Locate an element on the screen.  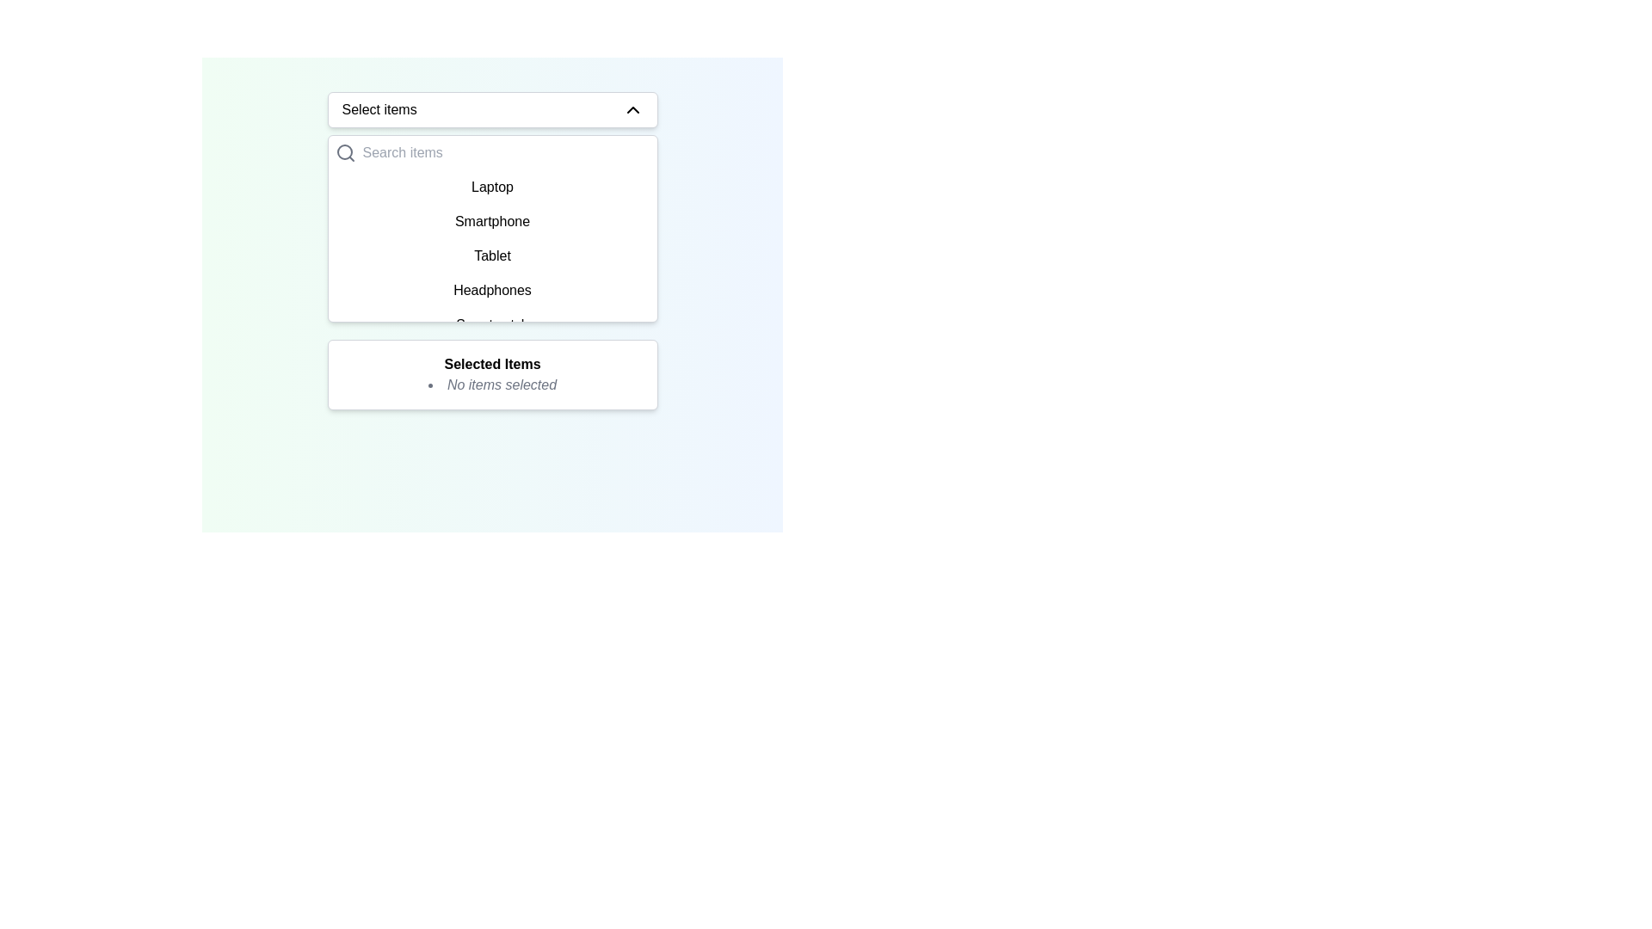
the selectable list item labeled 'Tablet' in the dropdown list to mark it as the chosen option is located at coordinates (491, 255).